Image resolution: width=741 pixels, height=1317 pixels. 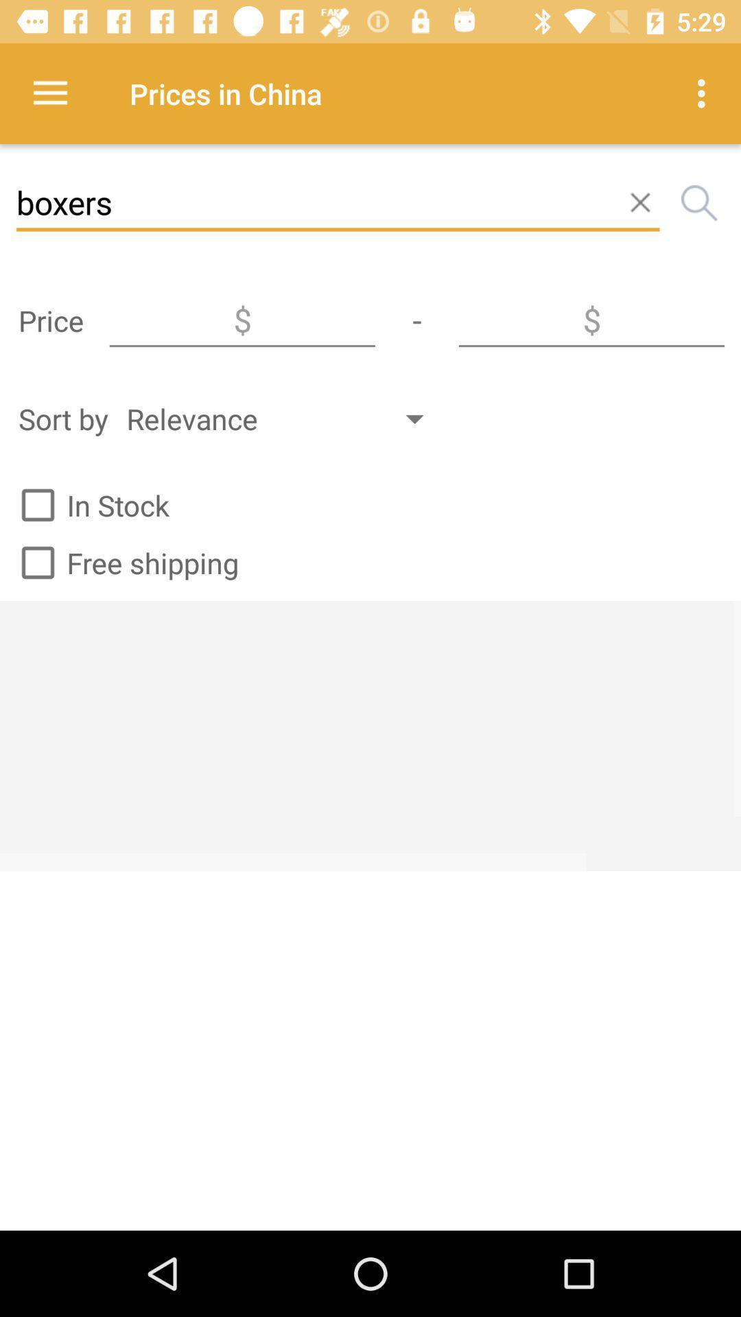 I want to click on the item to the right of boxers, so click(x=699, y=202).